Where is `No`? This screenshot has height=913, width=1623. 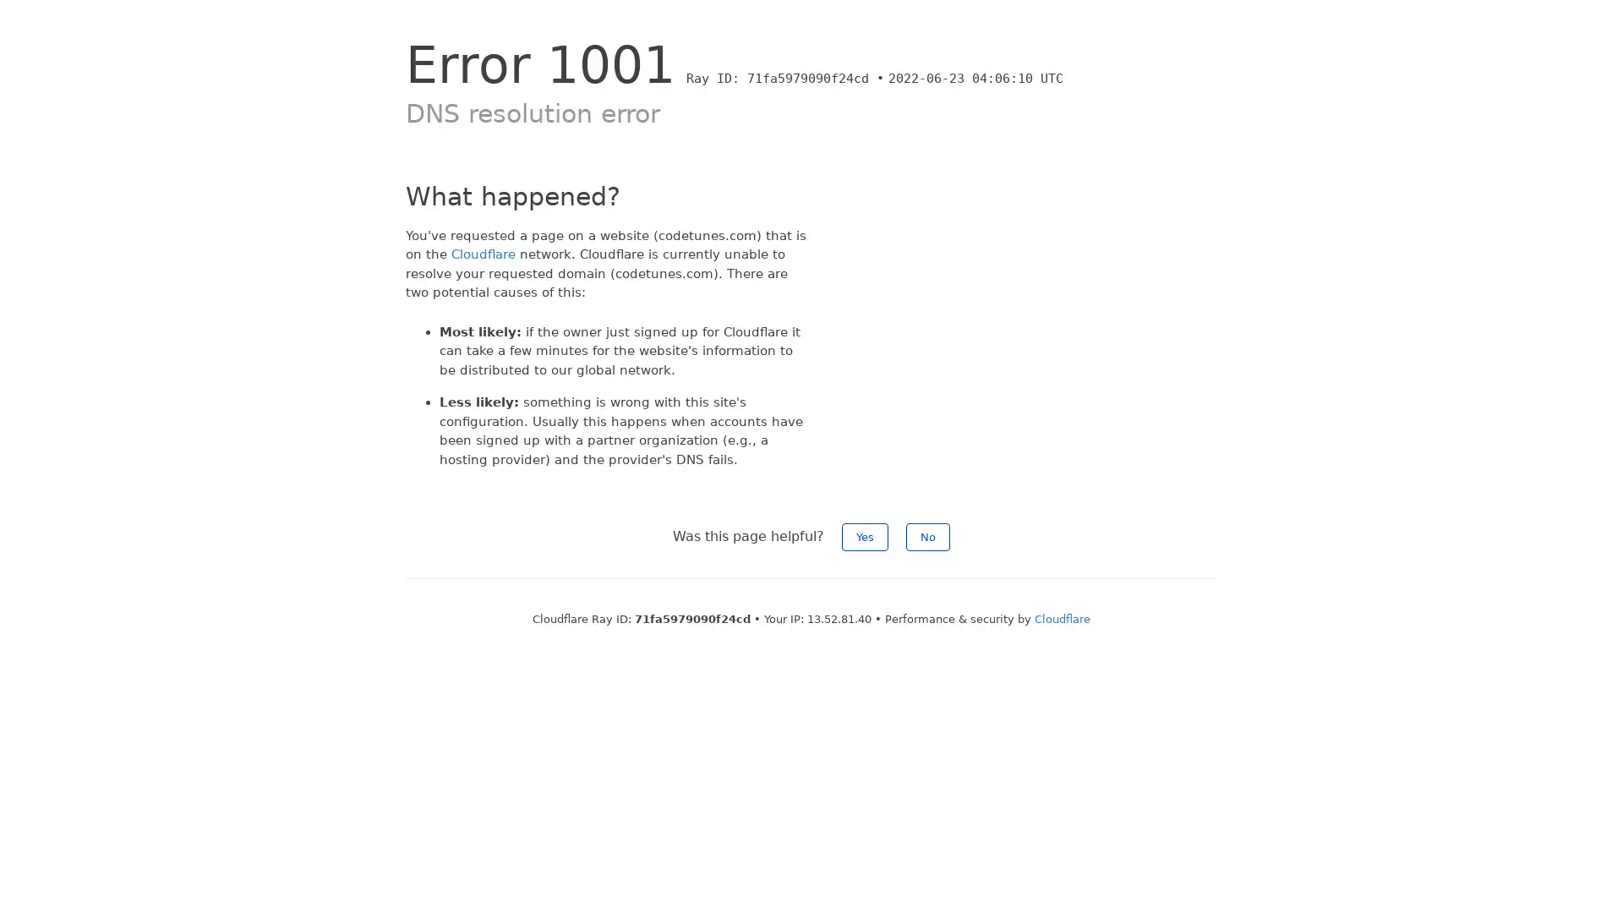
No is located at coordinates (927, 537).